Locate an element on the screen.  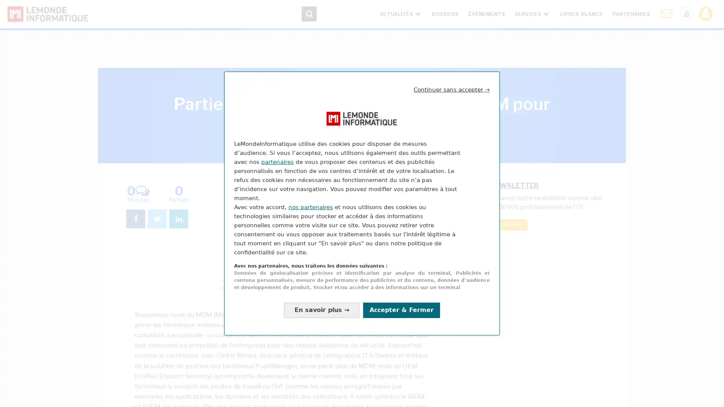
Configurer vos consentements is located at coordinates (322, 310).